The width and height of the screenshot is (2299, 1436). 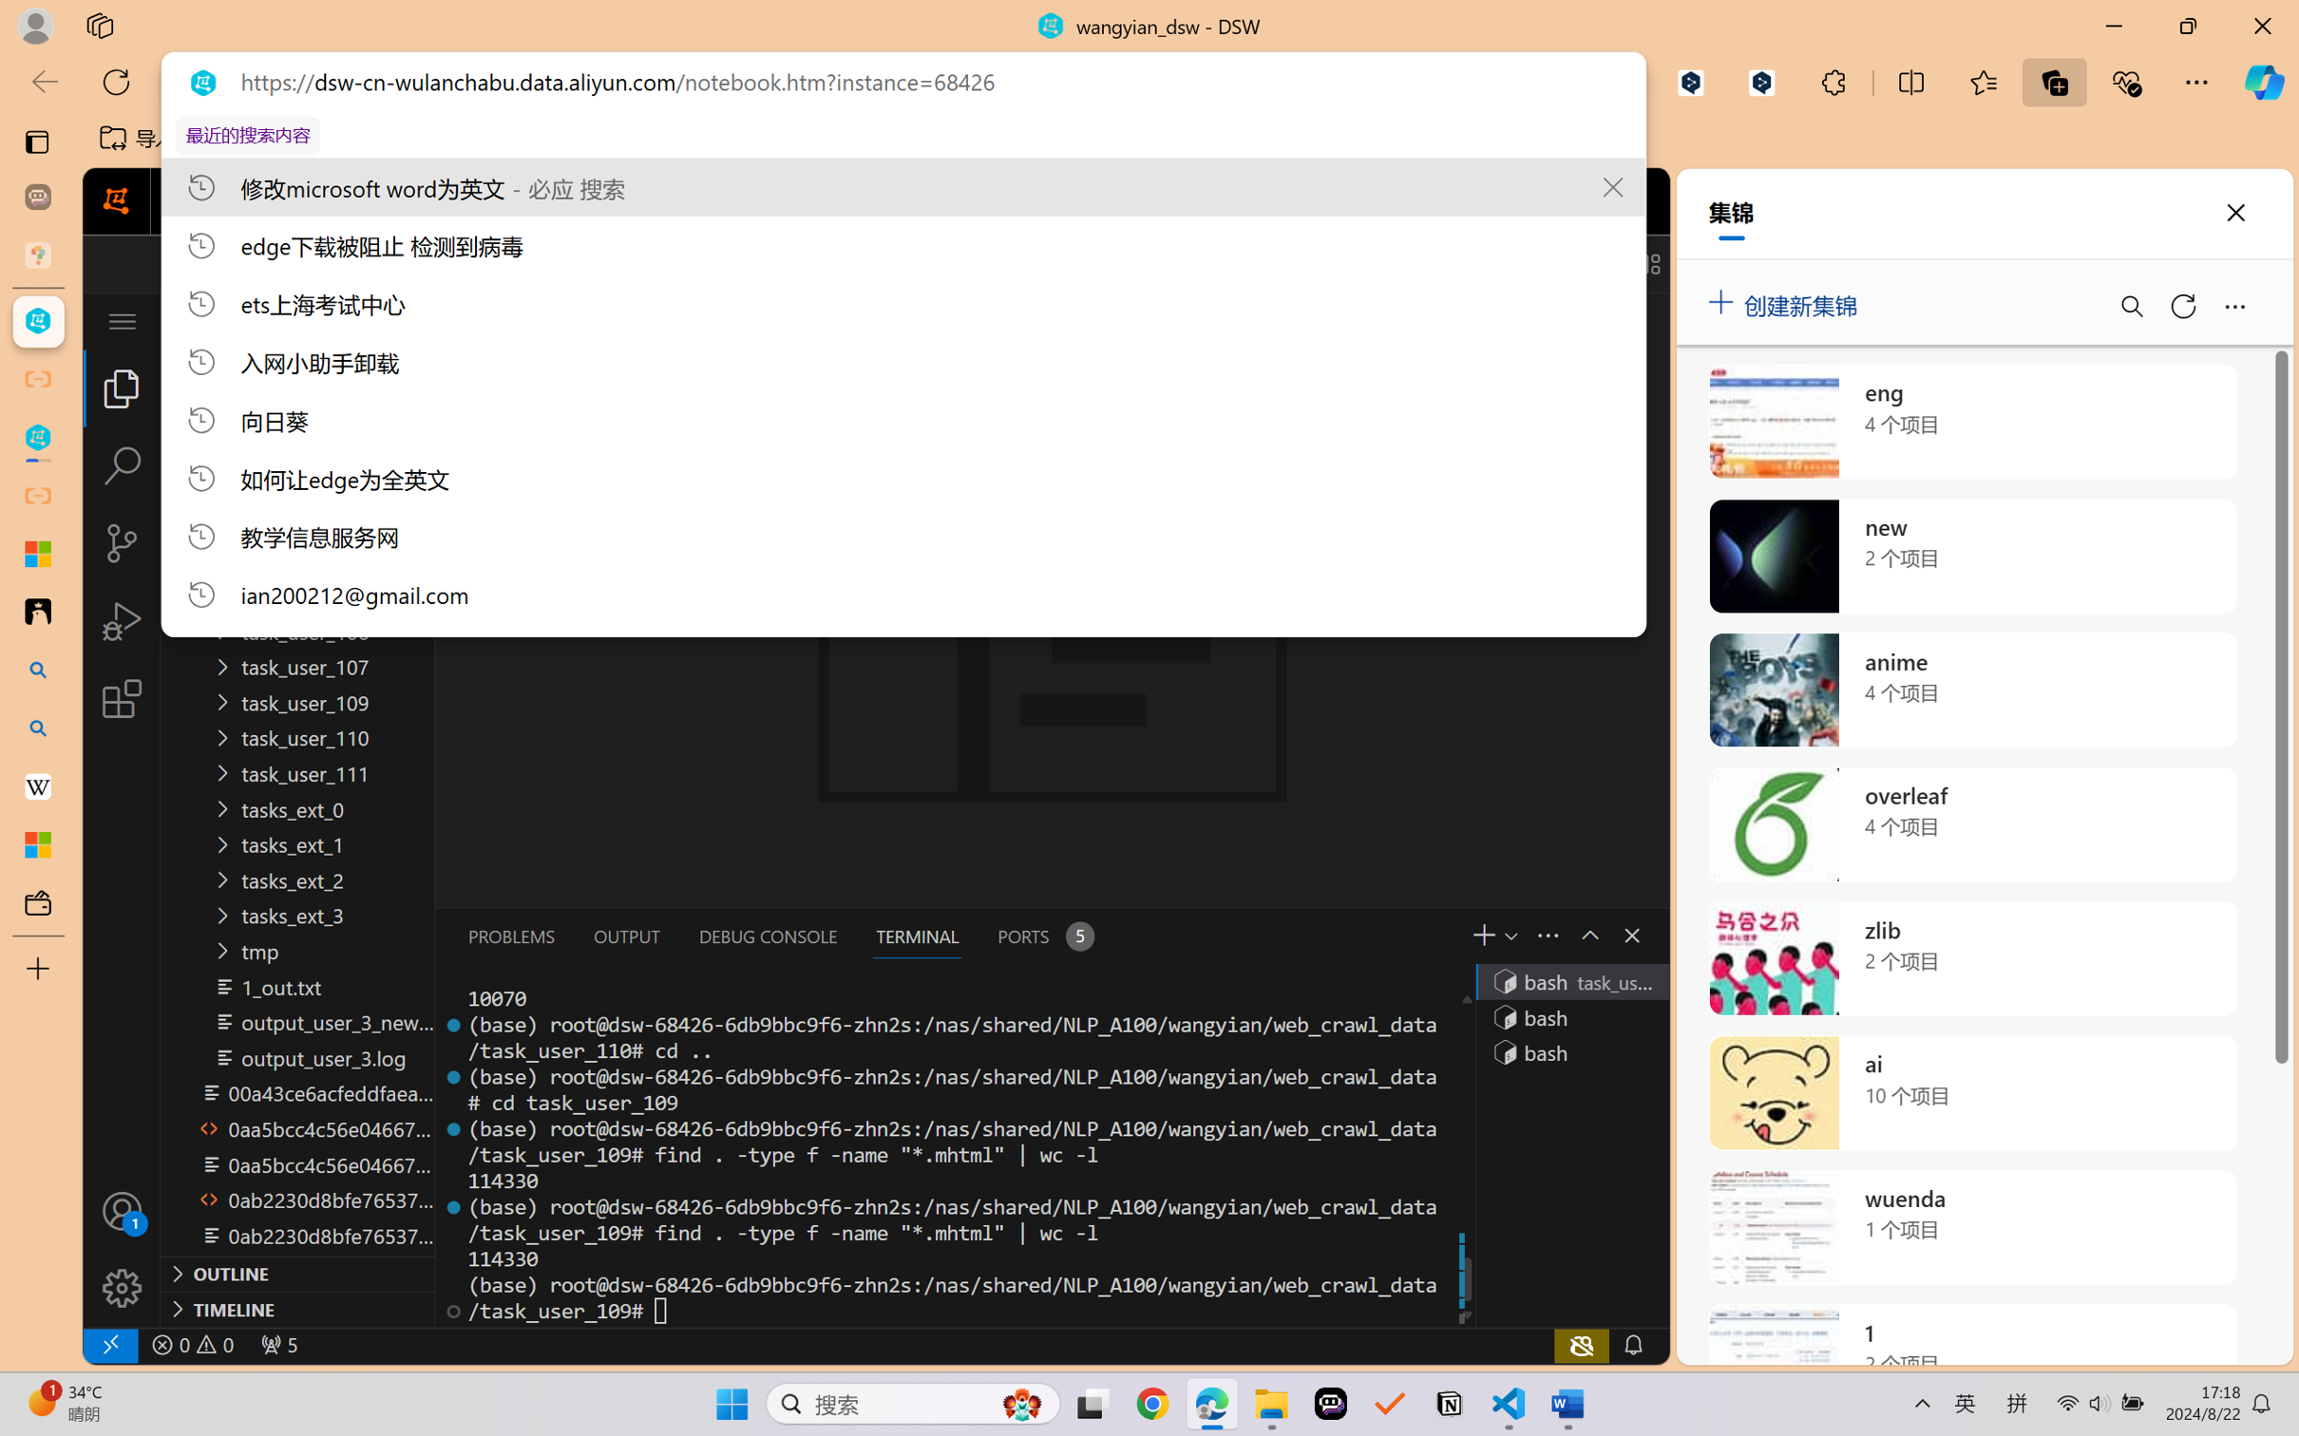 I want to click on 'Class: menubar compact overflow-menu-only inactive', so click(x=121, y=320).